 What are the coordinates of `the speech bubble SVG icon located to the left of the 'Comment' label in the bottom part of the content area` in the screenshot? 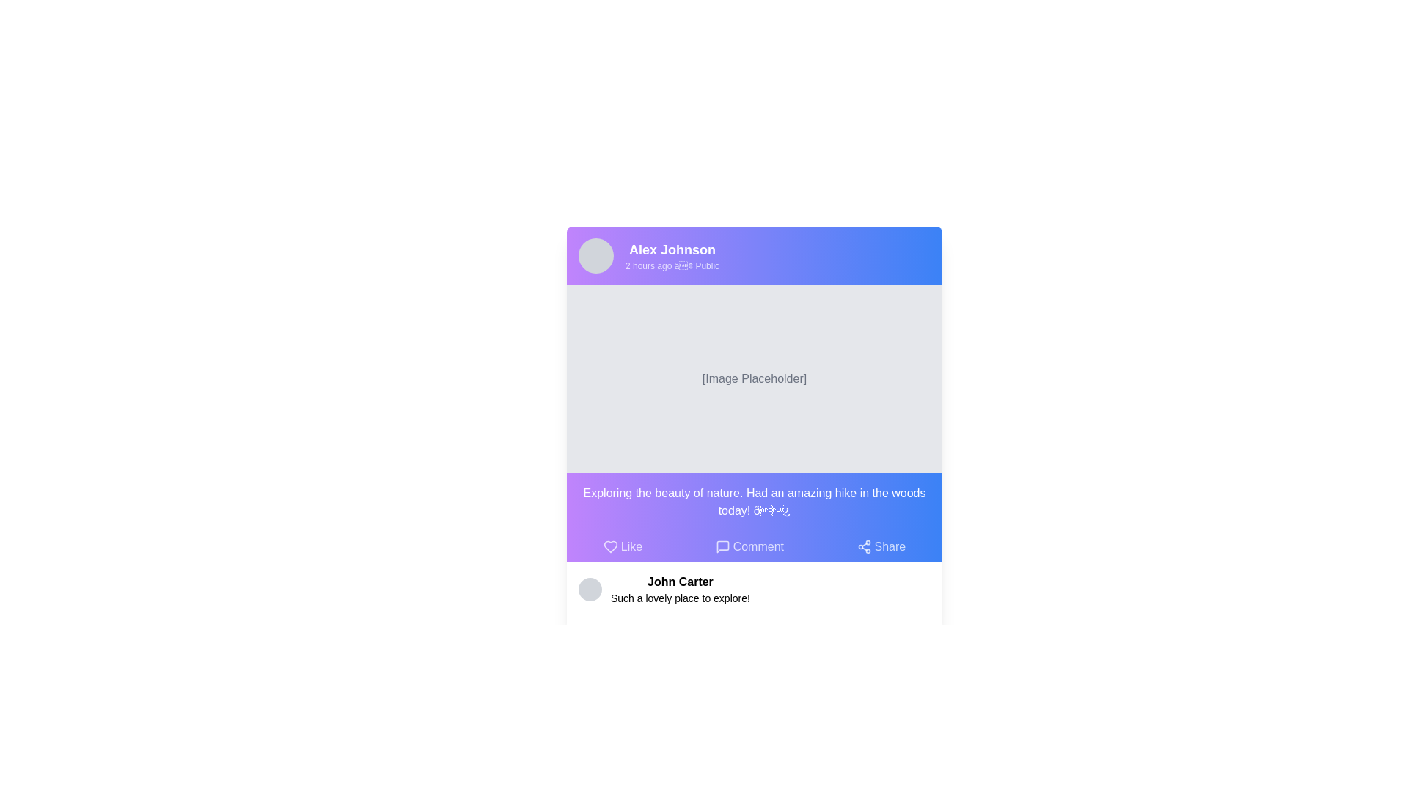 It's located at (722, 546).